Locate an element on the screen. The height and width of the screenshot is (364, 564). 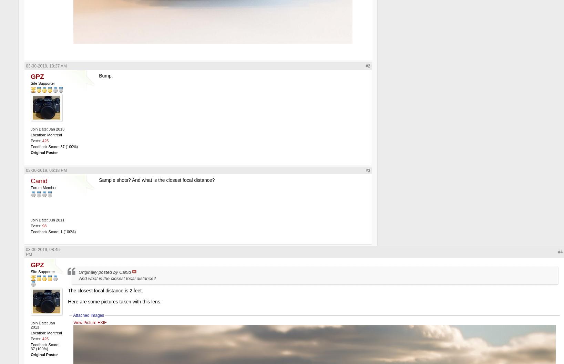
'03-30-2019, 06:18 PM' is located at coordinates (46, 170).